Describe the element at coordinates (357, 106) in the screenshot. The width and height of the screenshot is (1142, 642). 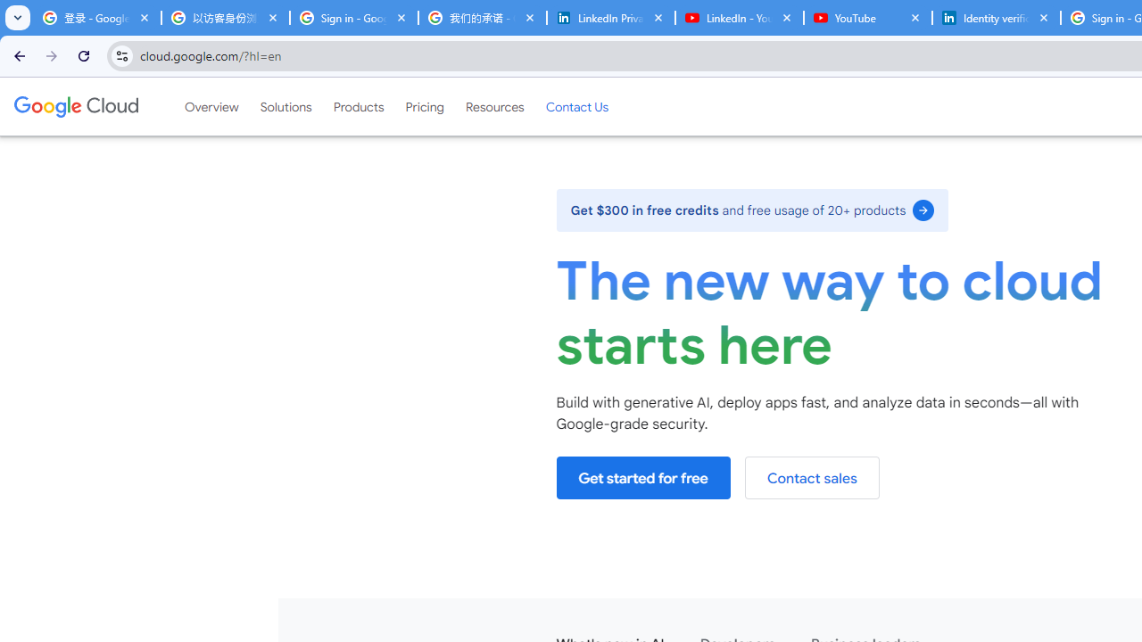
I see `'Products'` at that location.